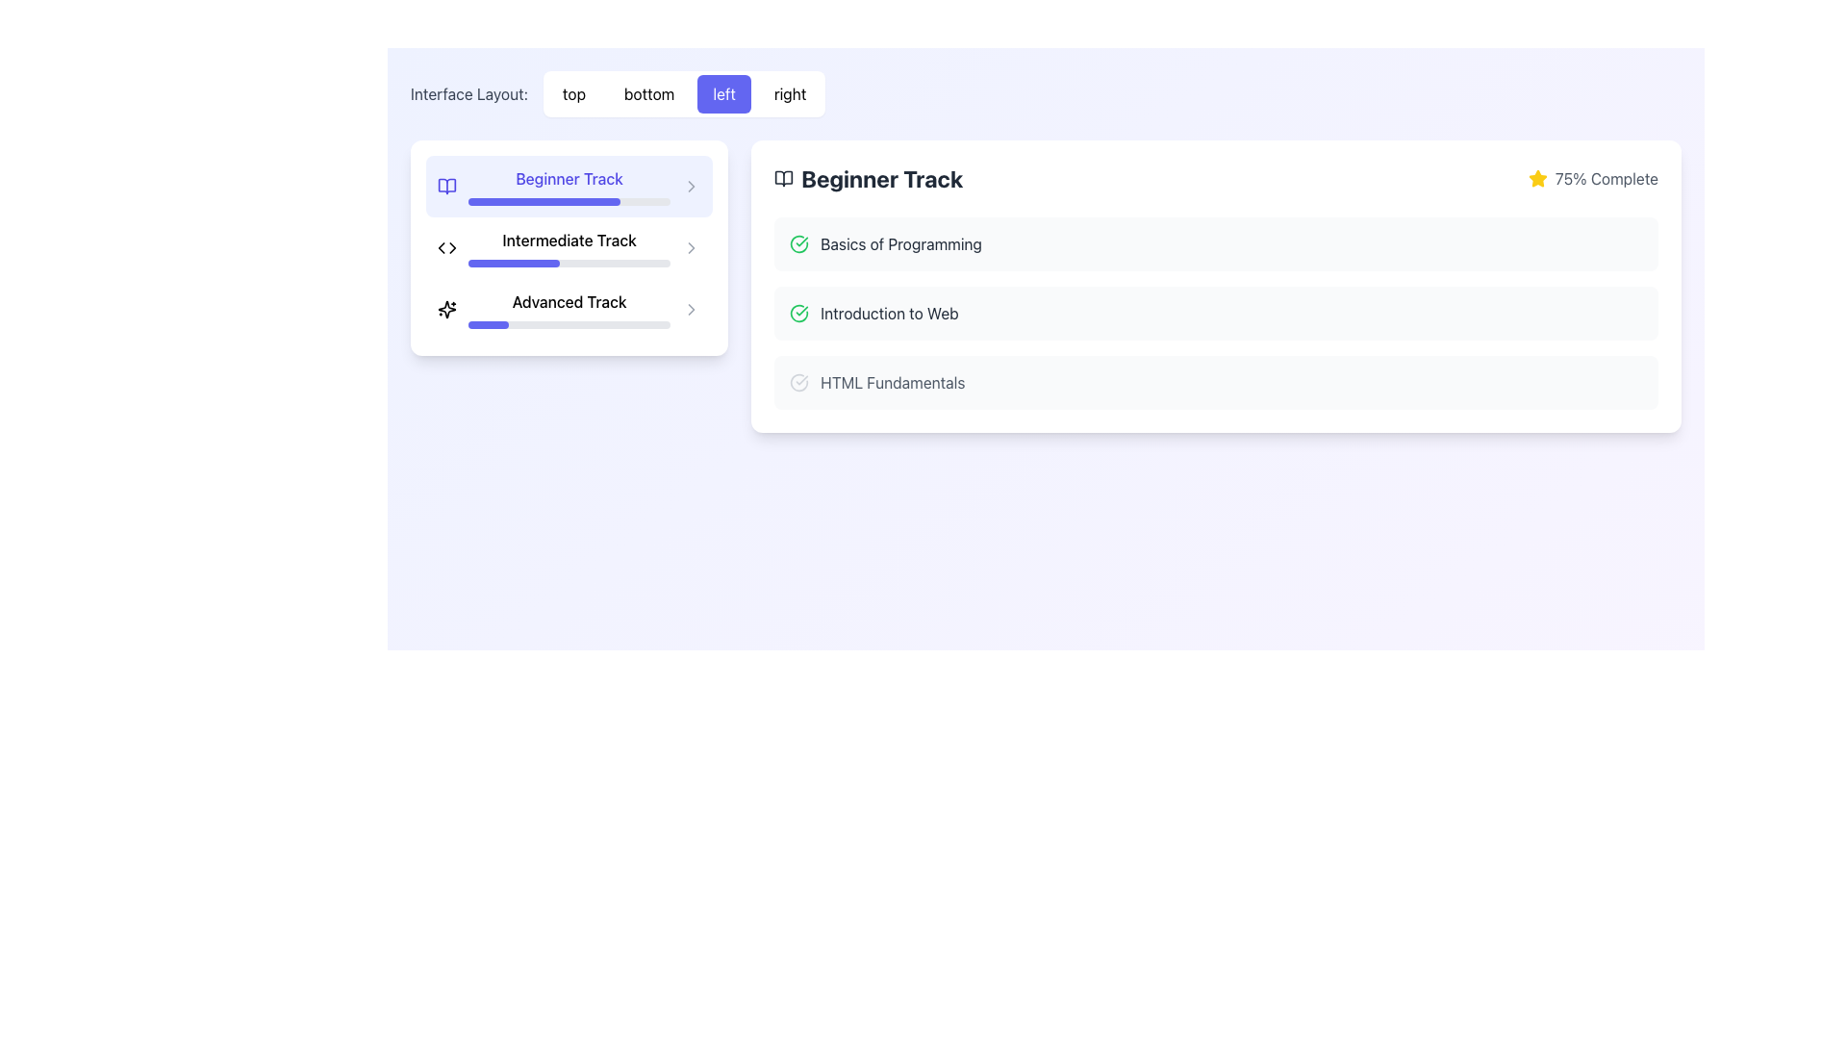 The width and height of the screenshot is (1847, 1039). Describe the element at coordinates (569, 324) in the screenshot. I see `the progress bar component indicating the percentage of completion in the 'Advanced Track' section, located below the label 'Advanced Track'` at that location.